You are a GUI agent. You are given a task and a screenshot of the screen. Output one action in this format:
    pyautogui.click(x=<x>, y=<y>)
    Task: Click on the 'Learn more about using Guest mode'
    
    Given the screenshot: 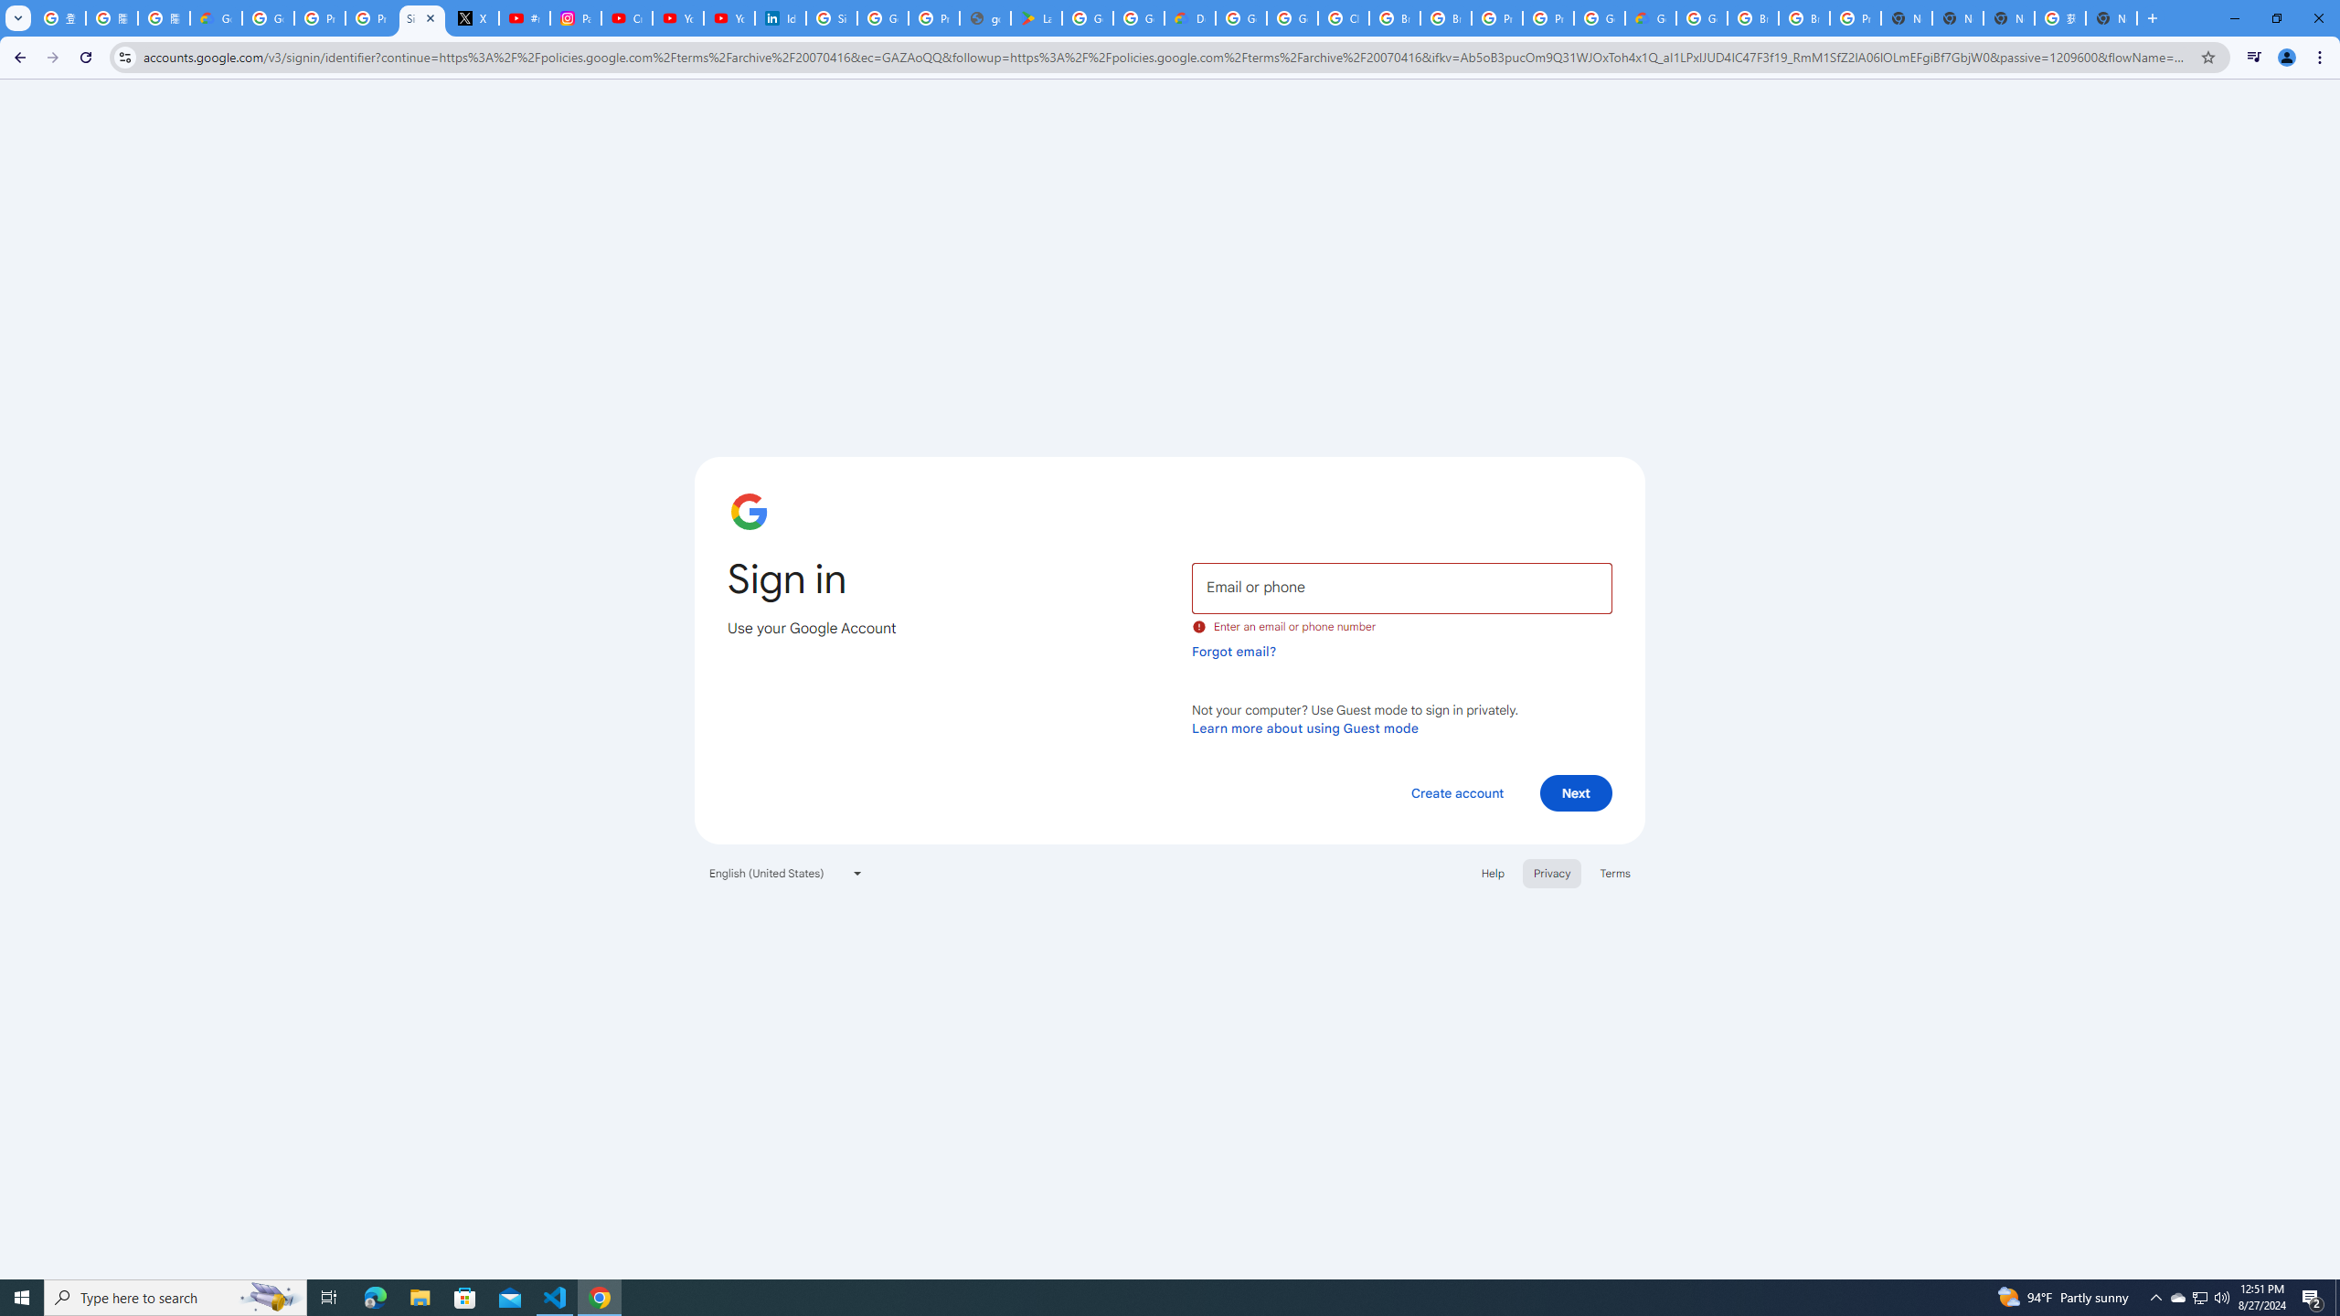 What is the action you would take?
    pyautogui.click(x=1304, y=727)
    